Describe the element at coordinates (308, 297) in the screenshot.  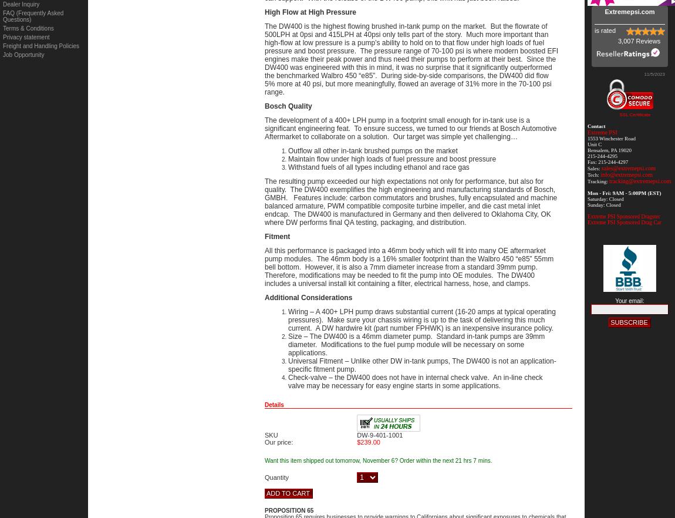
I see `'Additional Considerations'` at that location.